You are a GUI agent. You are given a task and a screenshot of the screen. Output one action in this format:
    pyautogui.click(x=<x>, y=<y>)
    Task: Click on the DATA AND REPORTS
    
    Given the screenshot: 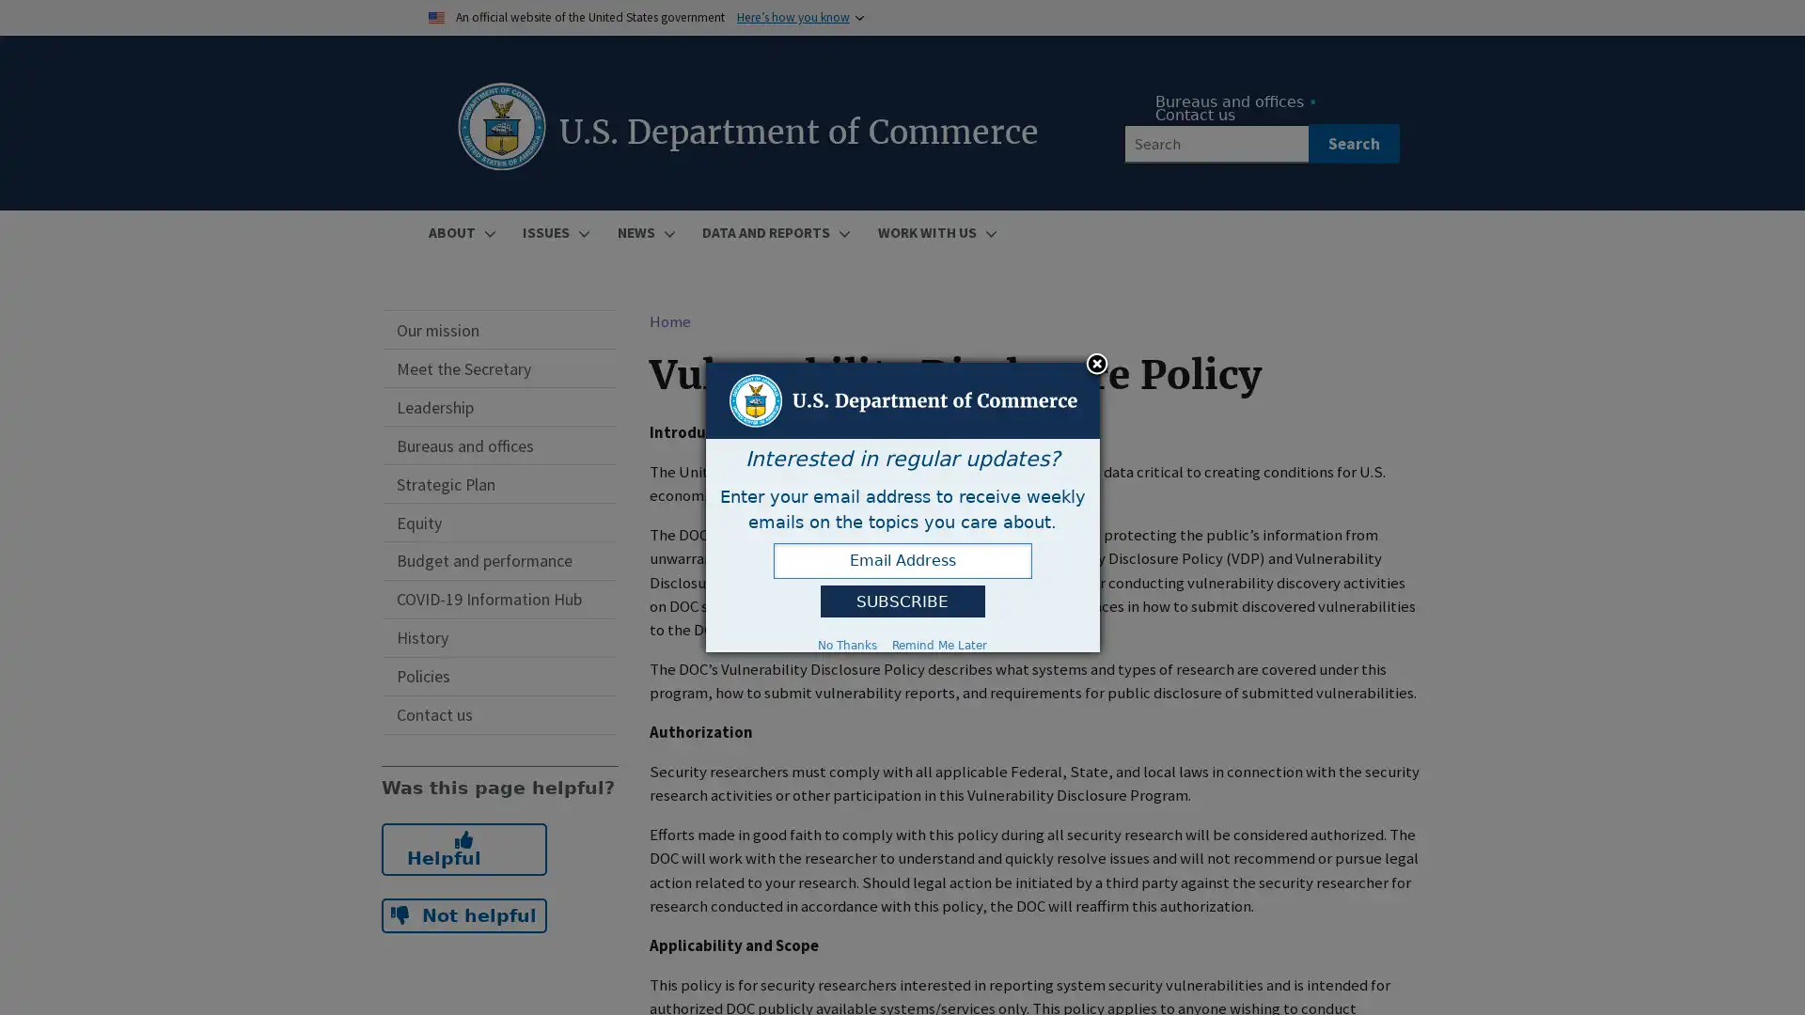 What is the action you would take?
    pyautogui.click(x=773, y=231)
    